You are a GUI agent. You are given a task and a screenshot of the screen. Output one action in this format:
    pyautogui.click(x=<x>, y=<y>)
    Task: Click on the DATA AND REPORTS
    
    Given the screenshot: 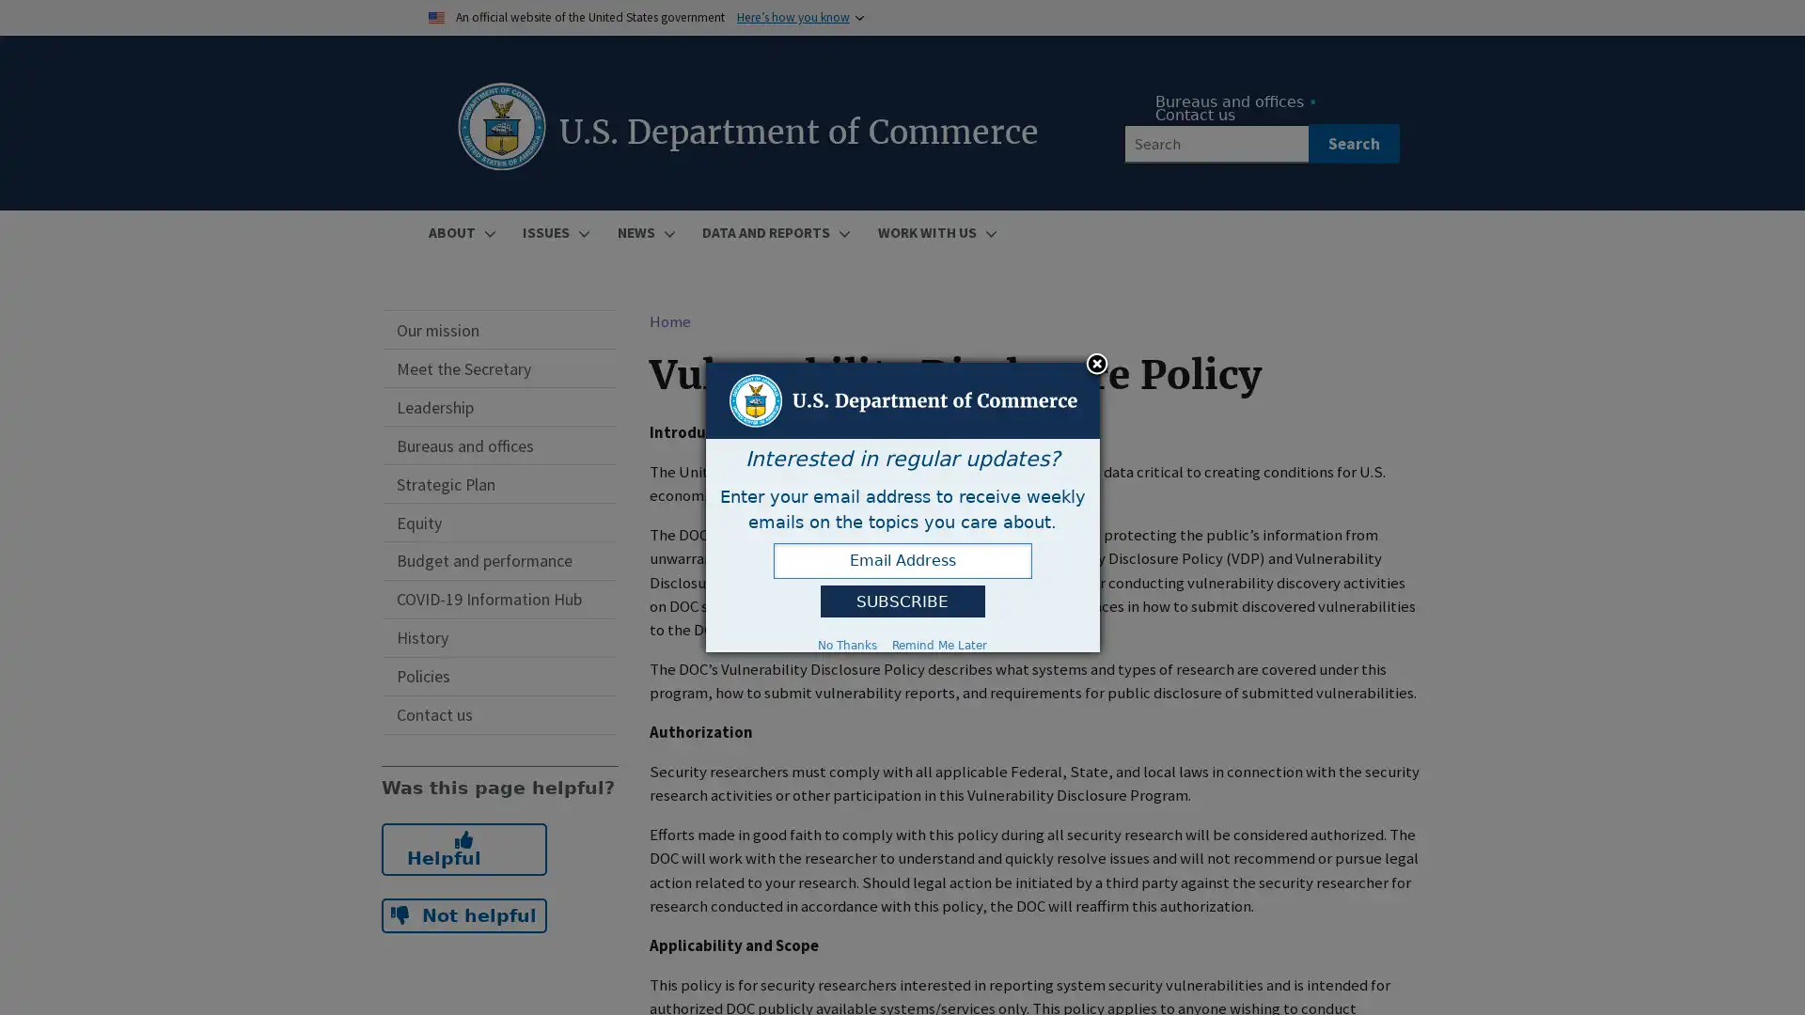 What is the action you would take?
    pyautogui.click(x=773, y=231)
    